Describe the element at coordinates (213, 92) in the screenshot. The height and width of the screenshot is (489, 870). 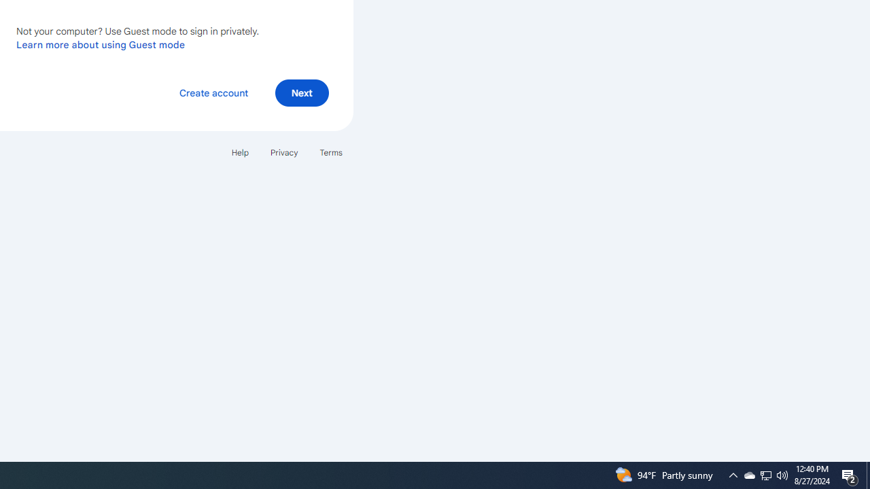
I see `'Create account'` at that location.